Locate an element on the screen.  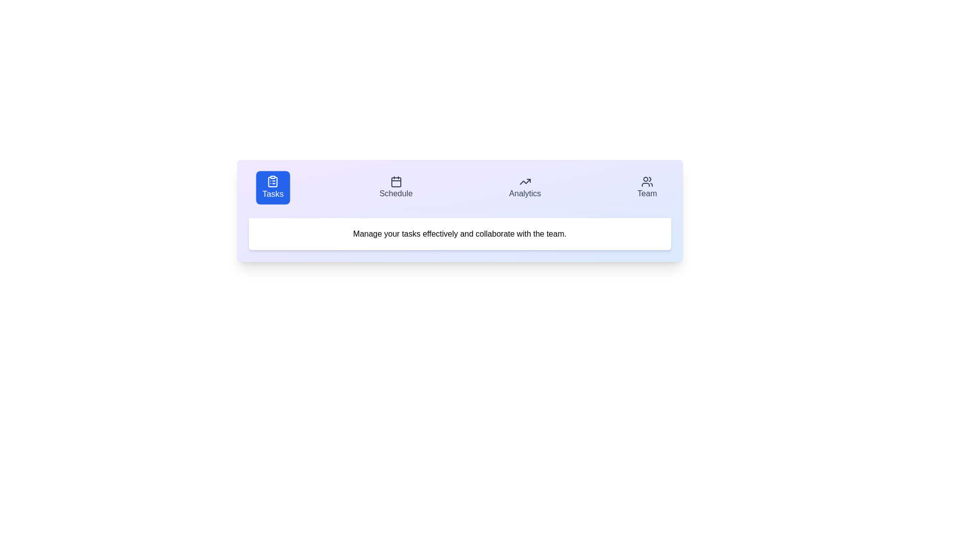
the Tasks tab by clicking on its respective button is located at coordinates (272, 188).